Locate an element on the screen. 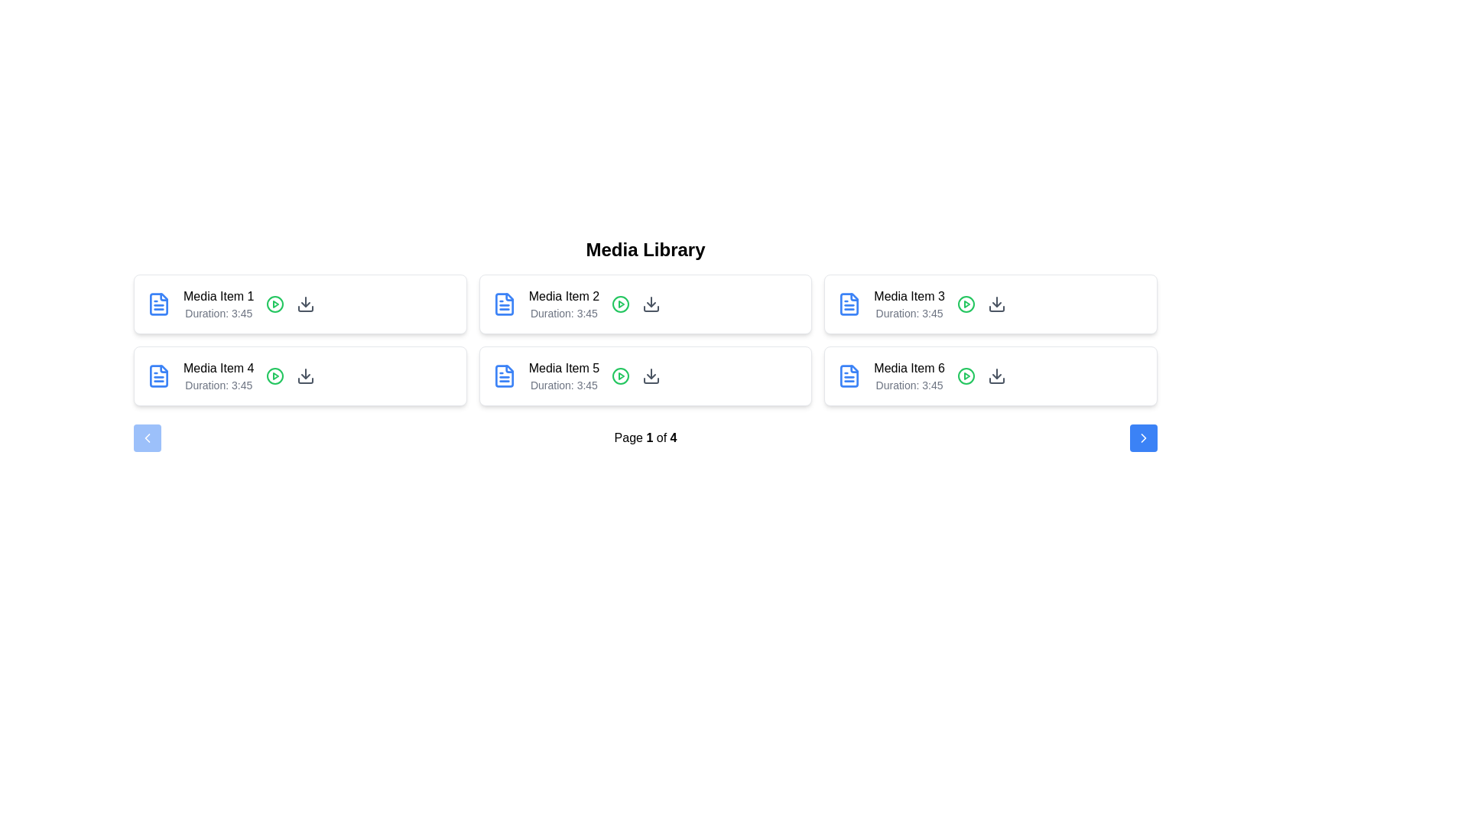  the text 'Media Item 6' for copying from the text label located in the bottom-right corner of the main grid is located at coordinates (909, 369).